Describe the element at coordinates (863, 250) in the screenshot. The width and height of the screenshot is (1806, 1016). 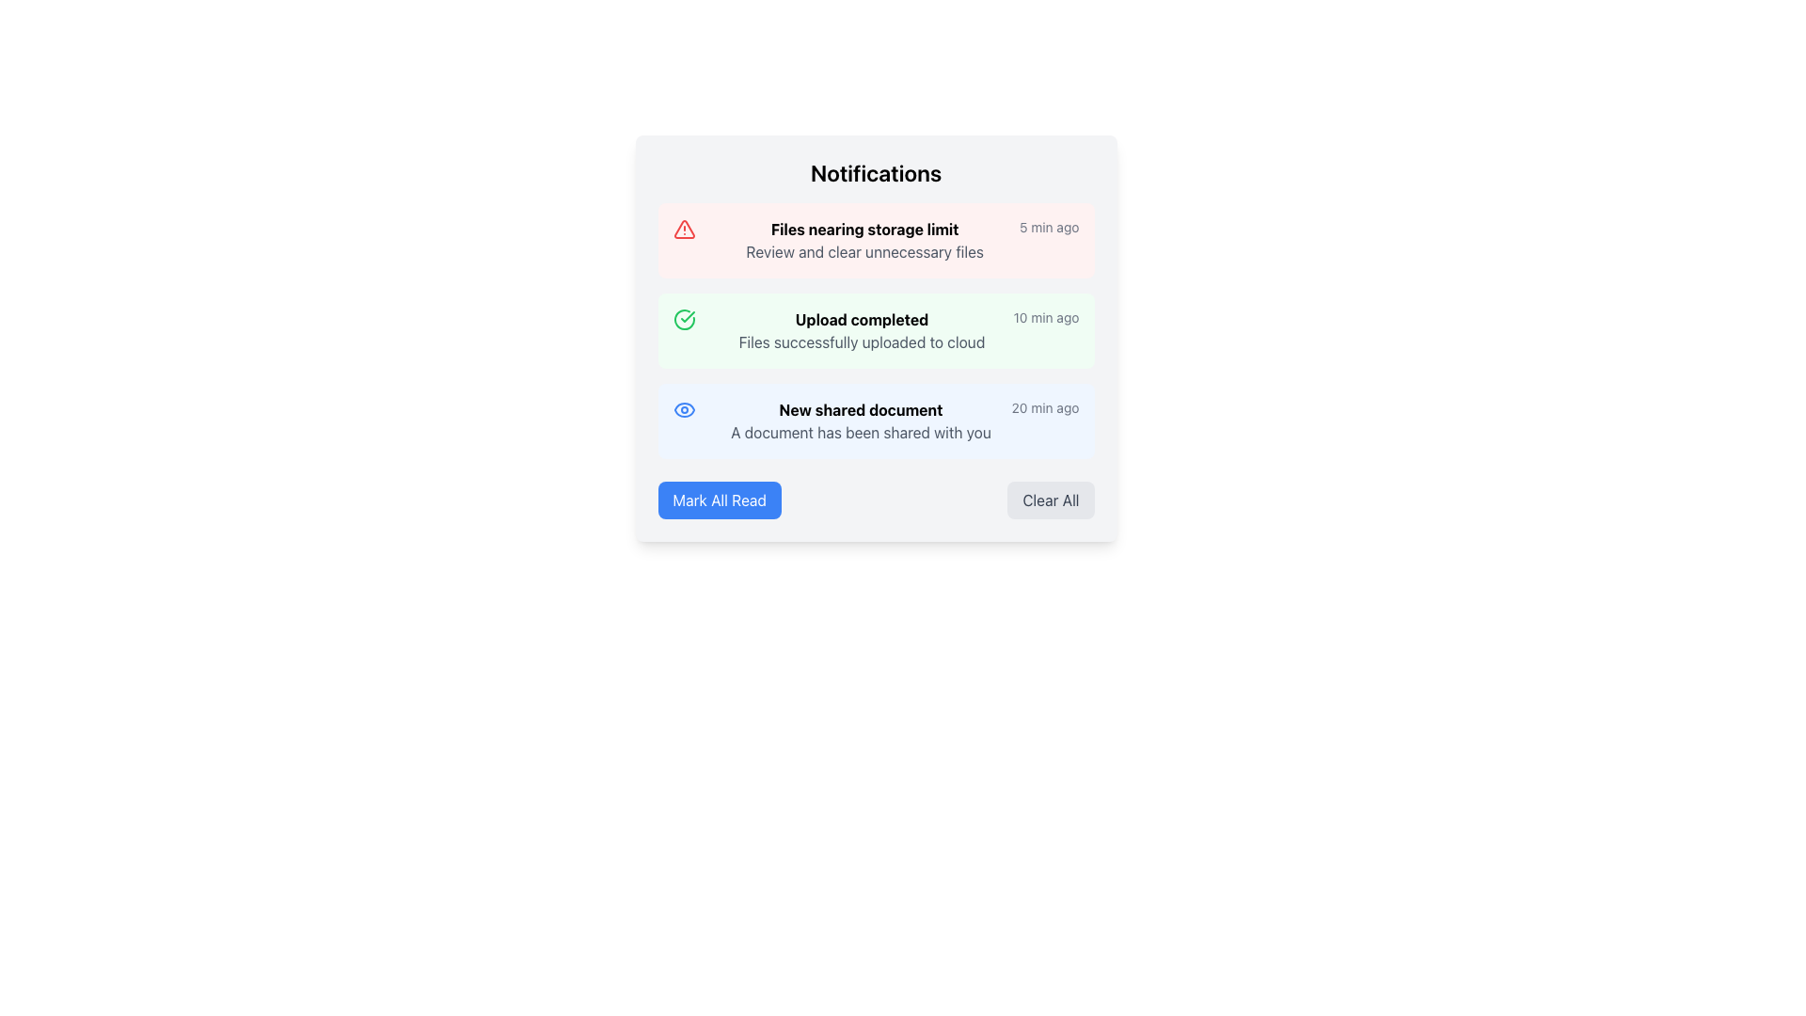
I see `the text label displaying 'Review and clear unnecessary files', which is located beneath the title 'Files nearing storage limit'` at that location.